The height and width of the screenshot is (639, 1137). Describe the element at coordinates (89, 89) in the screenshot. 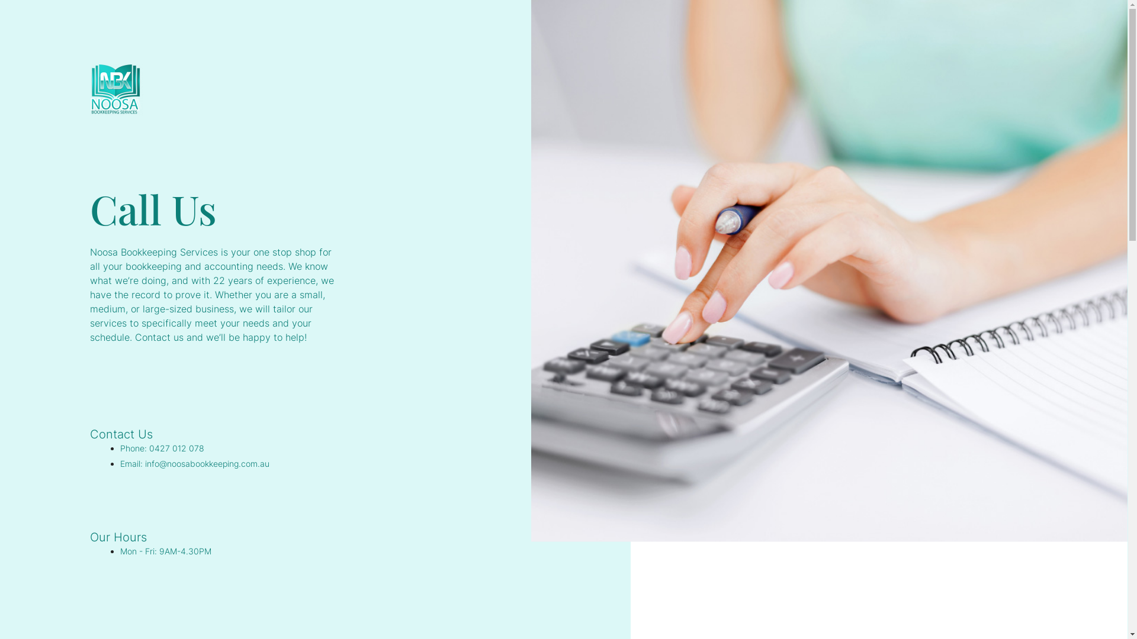

I see `'Noosa-Bookkeeping-Services-copy'` at that location.